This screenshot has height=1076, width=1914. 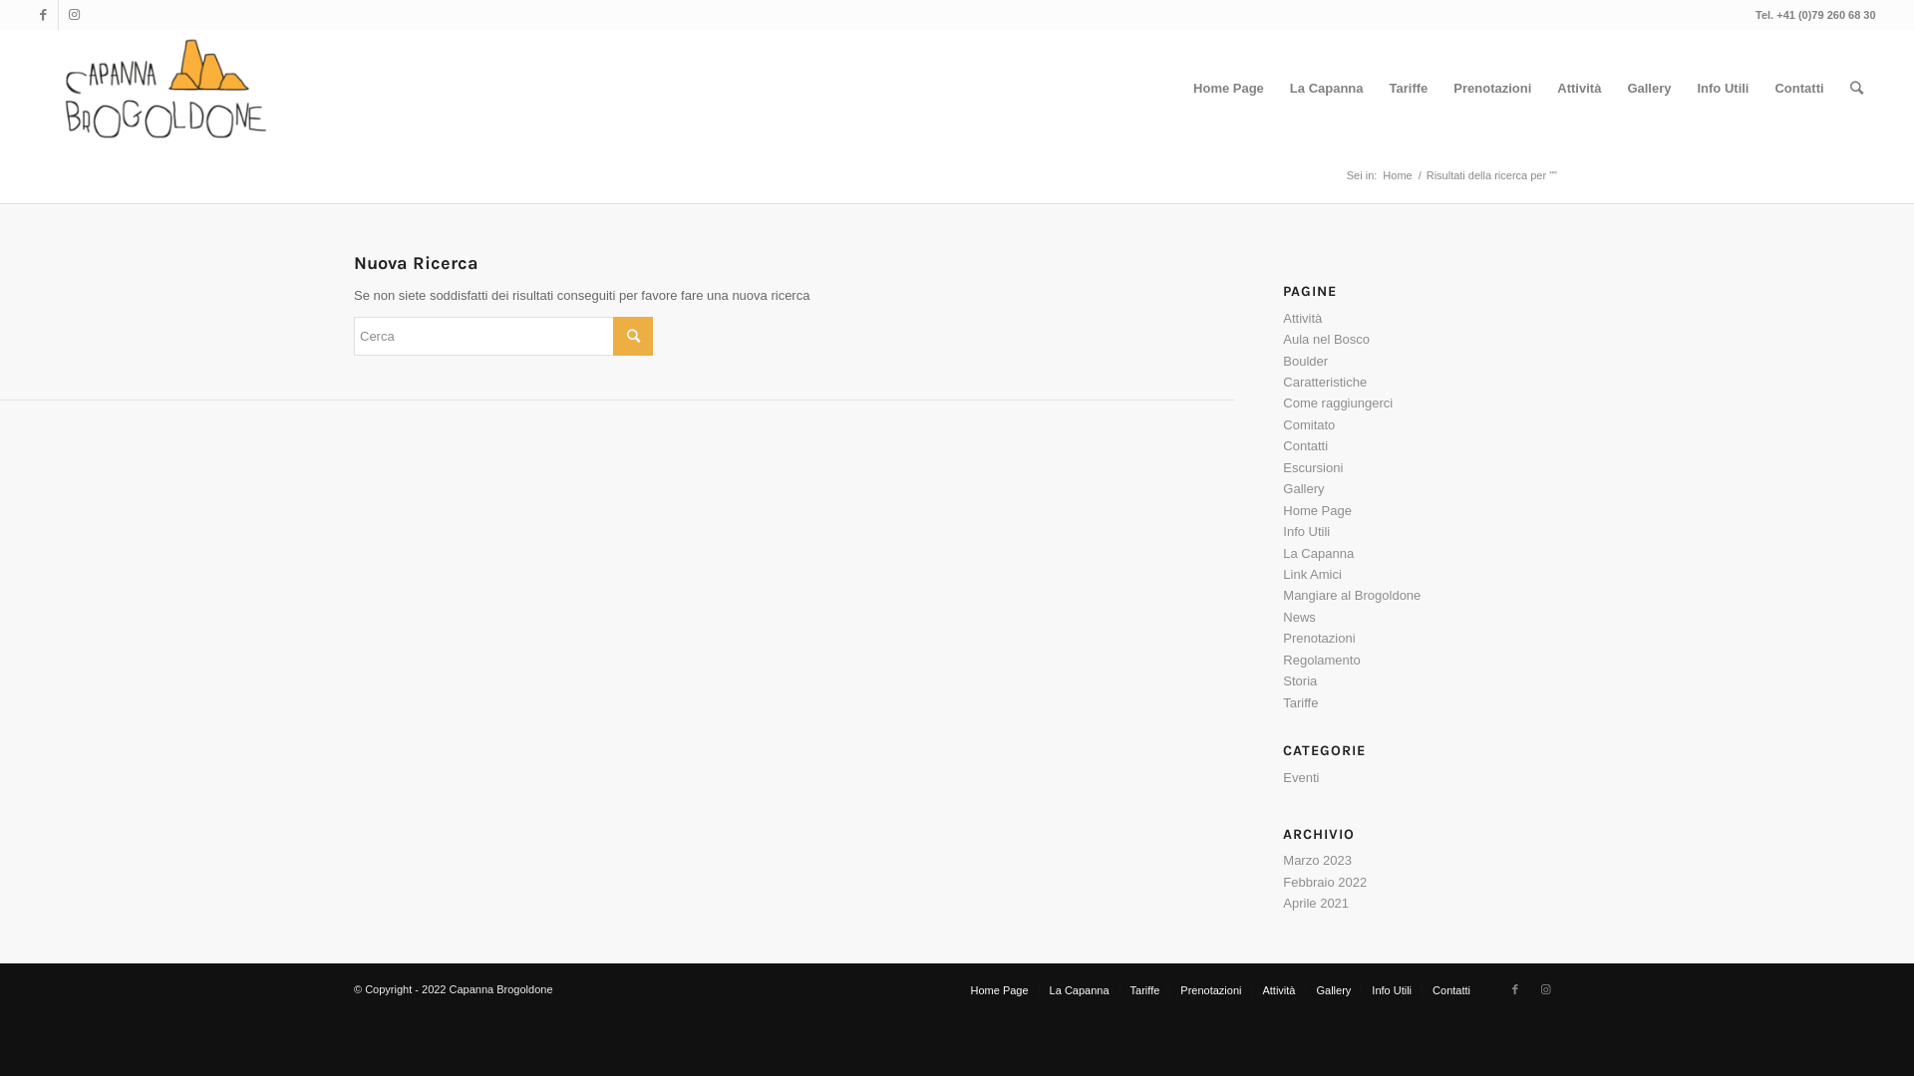 I want to click on 'Eventi', so click(x=1282, y=776).